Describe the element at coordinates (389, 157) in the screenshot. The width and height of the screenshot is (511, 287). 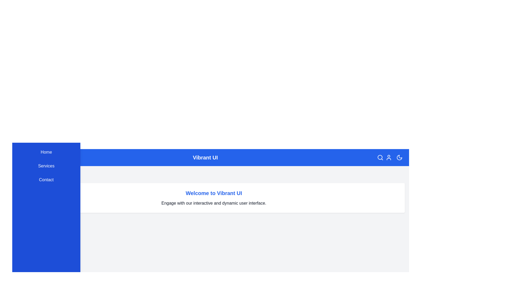
I see `the user profile icon in the top-right corner` at that location.